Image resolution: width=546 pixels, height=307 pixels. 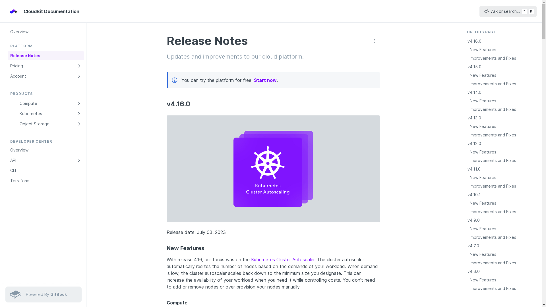 I want to click on 'CLI', so click(x=45, y=170).